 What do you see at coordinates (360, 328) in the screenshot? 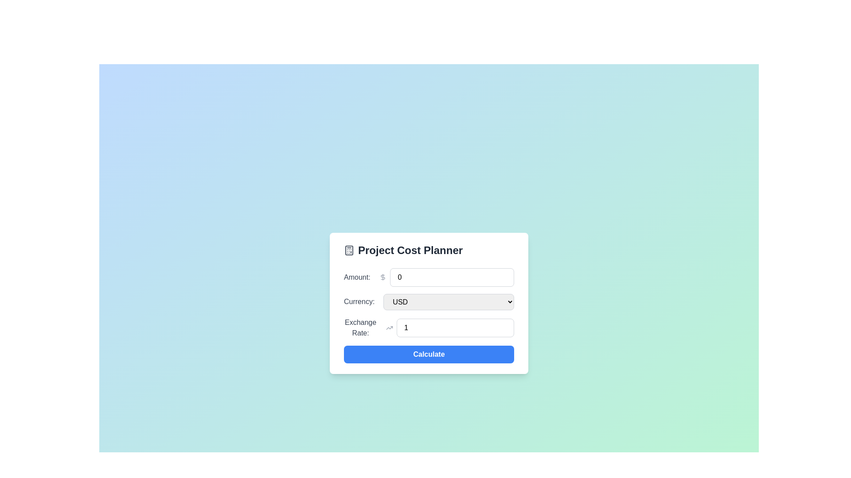
I see `the static text label that provides context for the adjacent exchange rate input field` at bounding box center [360, 328].